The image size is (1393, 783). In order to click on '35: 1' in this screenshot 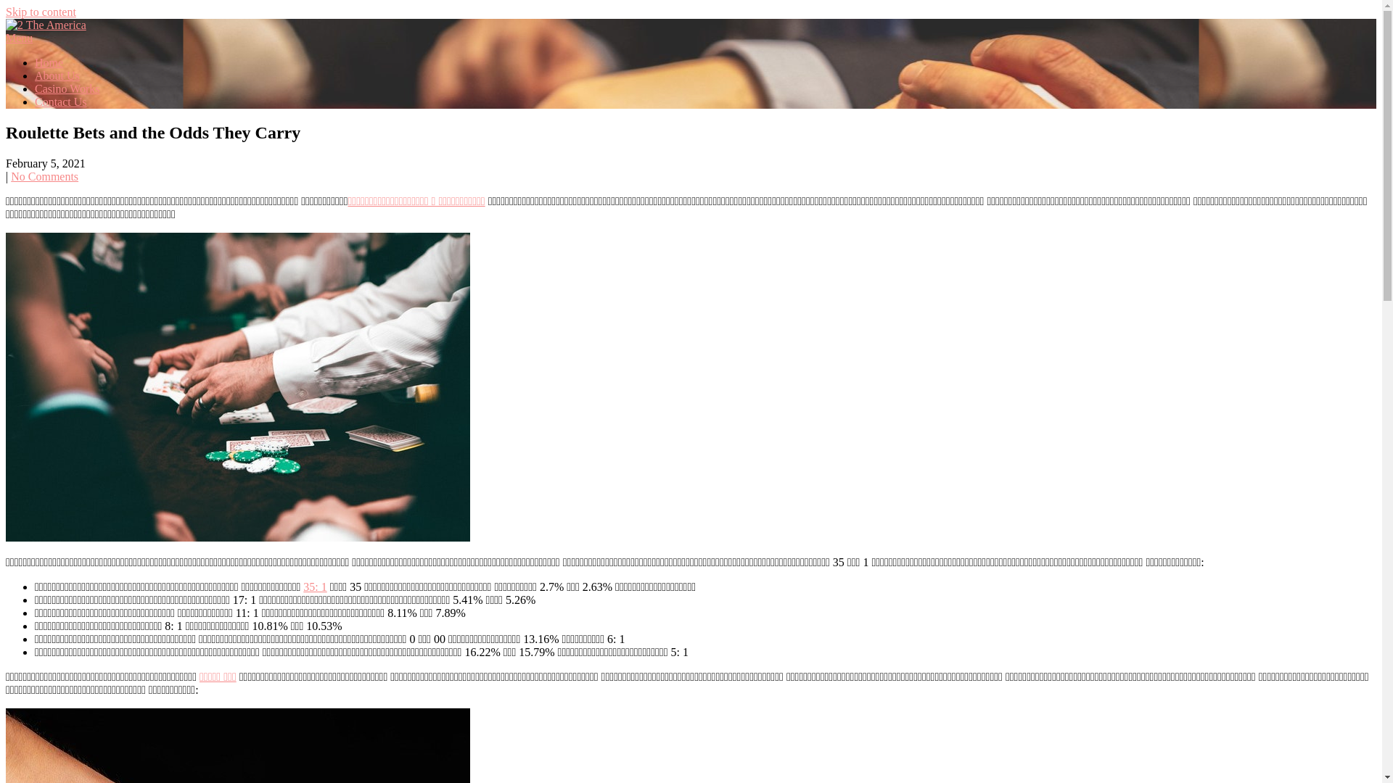, I will do `click(302, 586)`.